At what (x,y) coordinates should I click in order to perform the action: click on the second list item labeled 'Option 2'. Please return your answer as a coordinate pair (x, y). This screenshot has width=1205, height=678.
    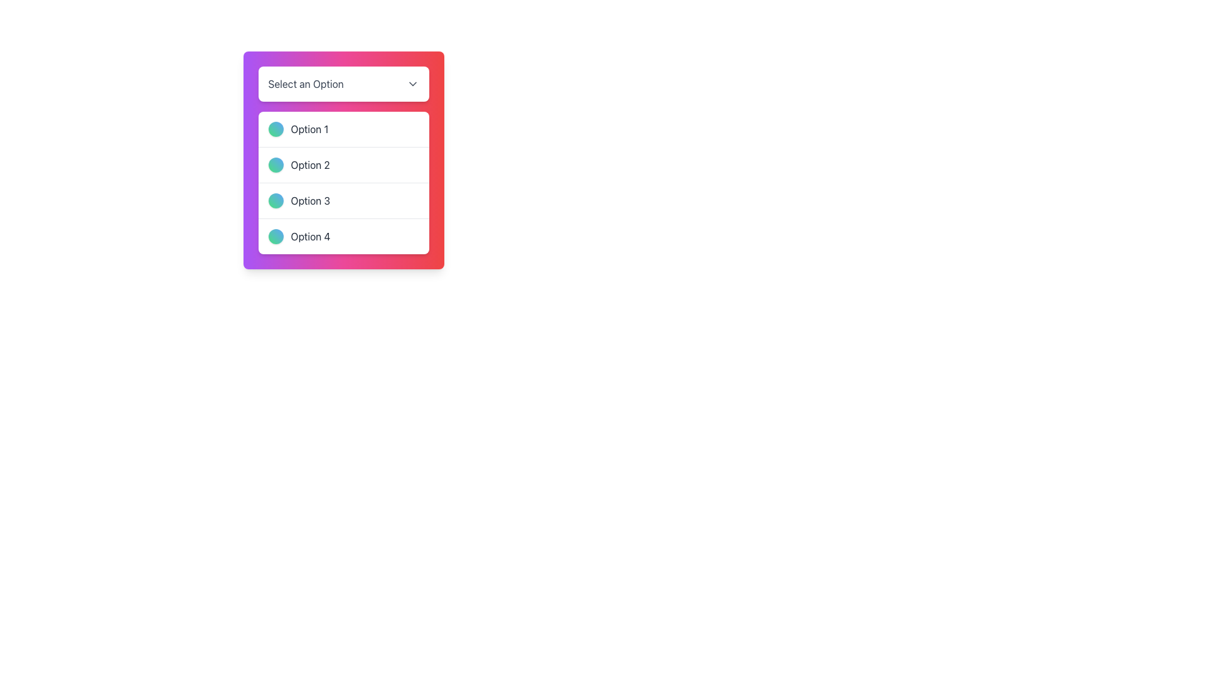
    Looking at the image, I should click on (343, 183).